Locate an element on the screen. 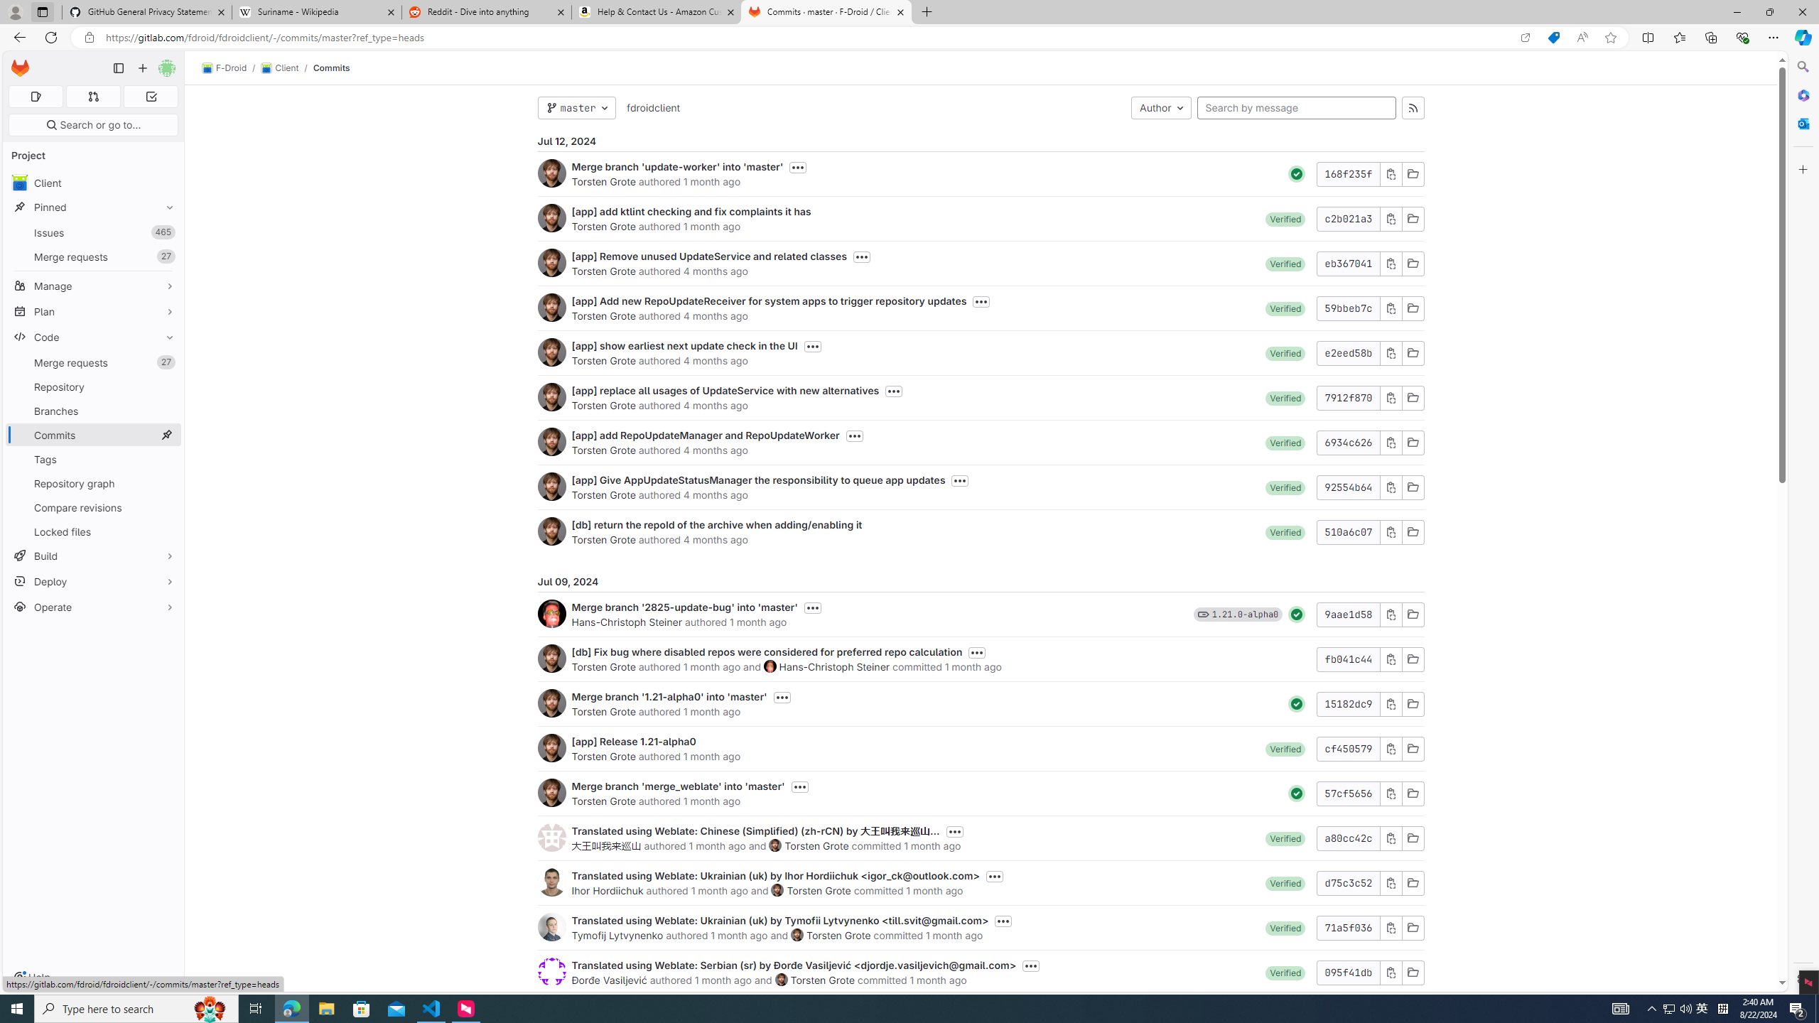 The height and width of the screenshot is (1023, 1819). 'Merge branch ' is located at coordinates (684, 607).